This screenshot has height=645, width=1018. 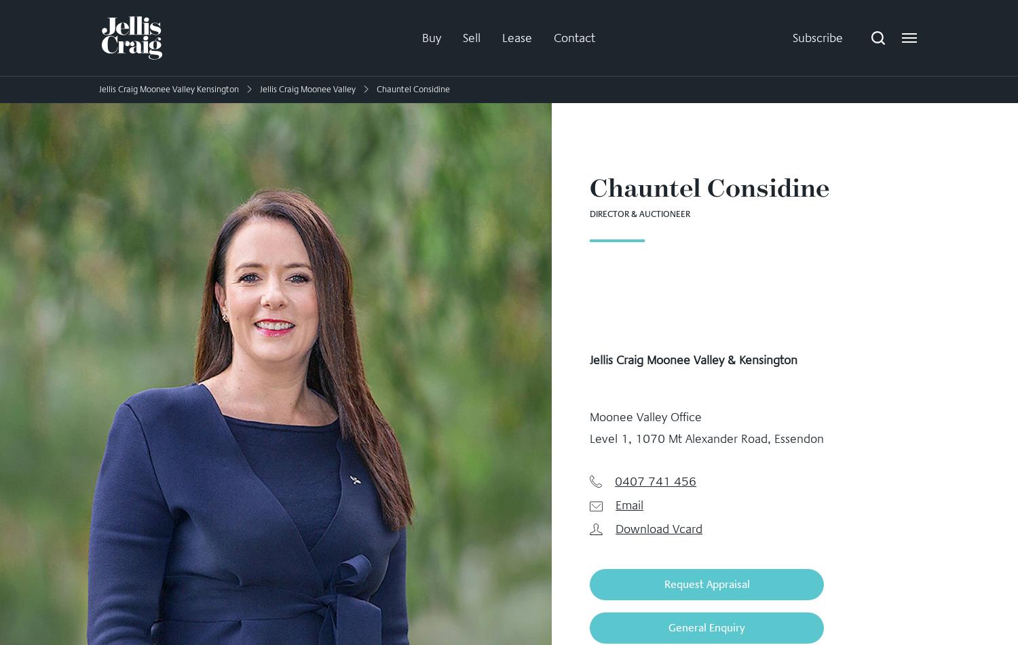 I want to click on 'Email', so click(x=629, y=505).